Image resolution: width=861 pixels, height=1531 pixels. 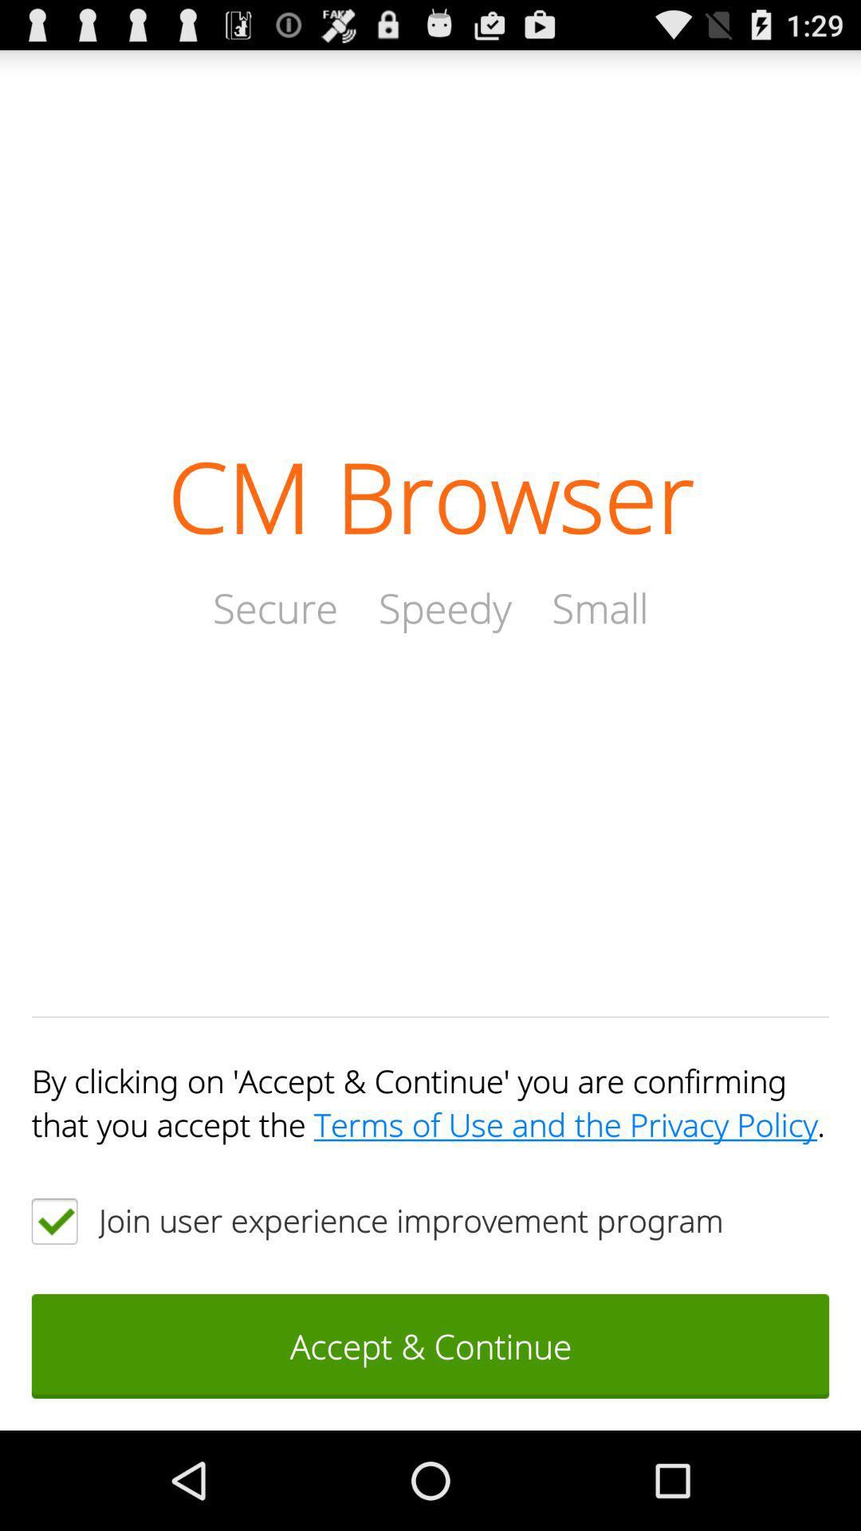 I want to click on by clicking on item, so click(x=431, y=1101).